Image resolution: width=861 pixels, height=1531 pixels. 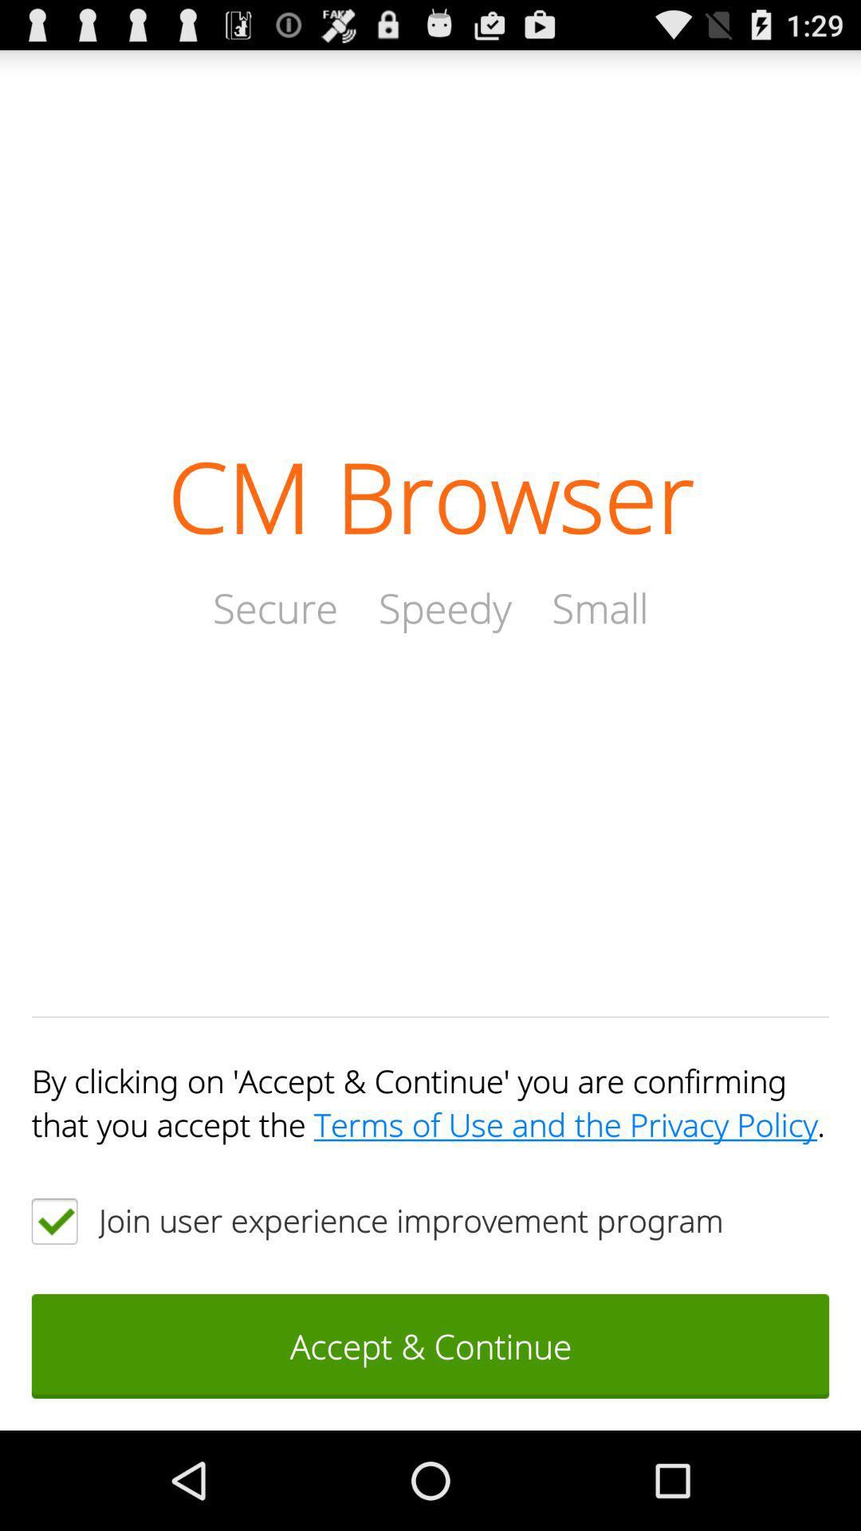 I want to click on by clicking on item, so click(x=431, y=1101).